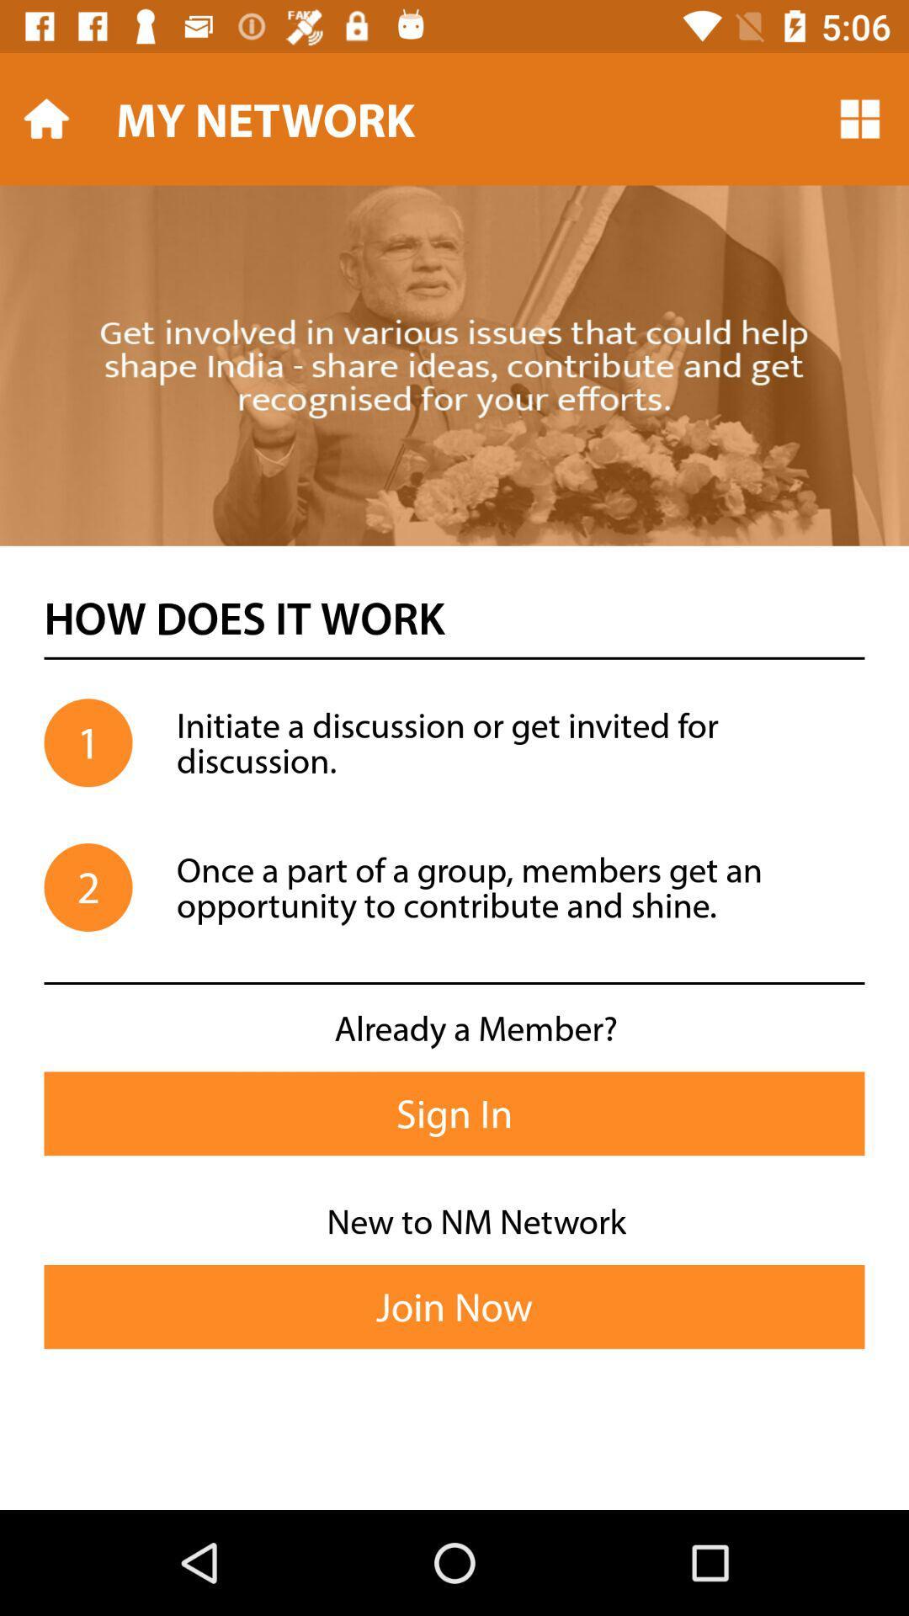  What do you see at coordinates (454, 1114) in the screenshot?
I see `the item above the new to nm icon` at bounding box center [454, 1114].